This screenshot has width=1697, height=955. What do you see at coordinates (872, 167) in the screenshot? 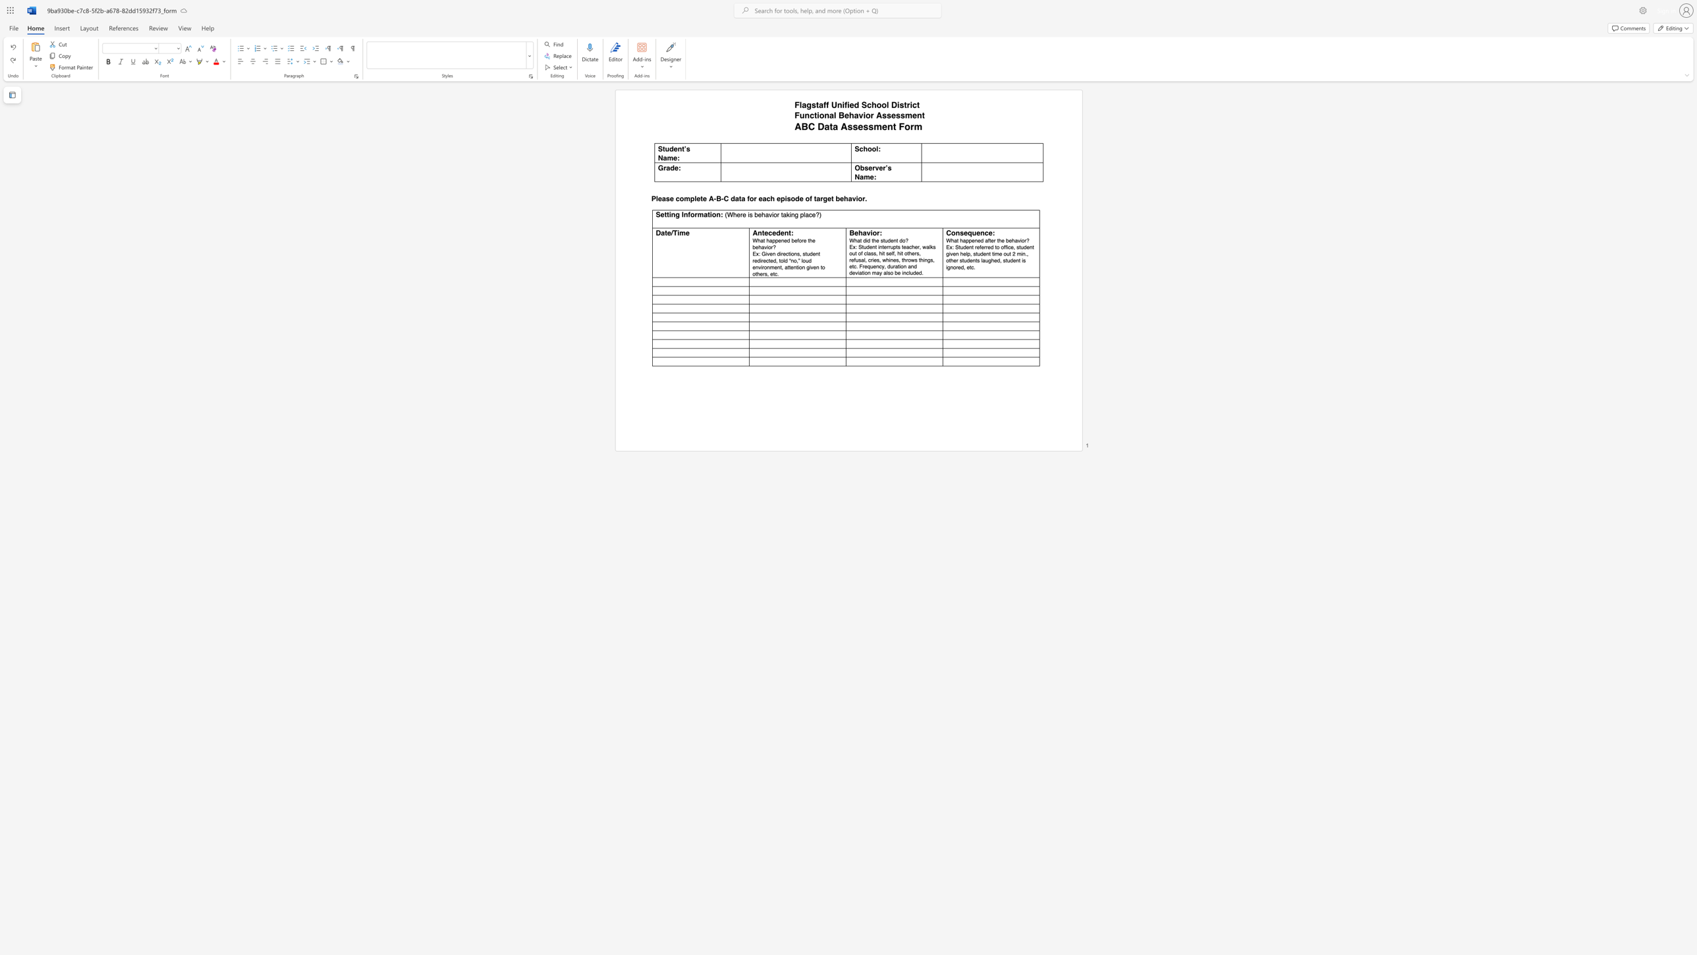
I see `the subset text "rver" within the text "Observer’s Name:"` at bounding box center [872, 167].